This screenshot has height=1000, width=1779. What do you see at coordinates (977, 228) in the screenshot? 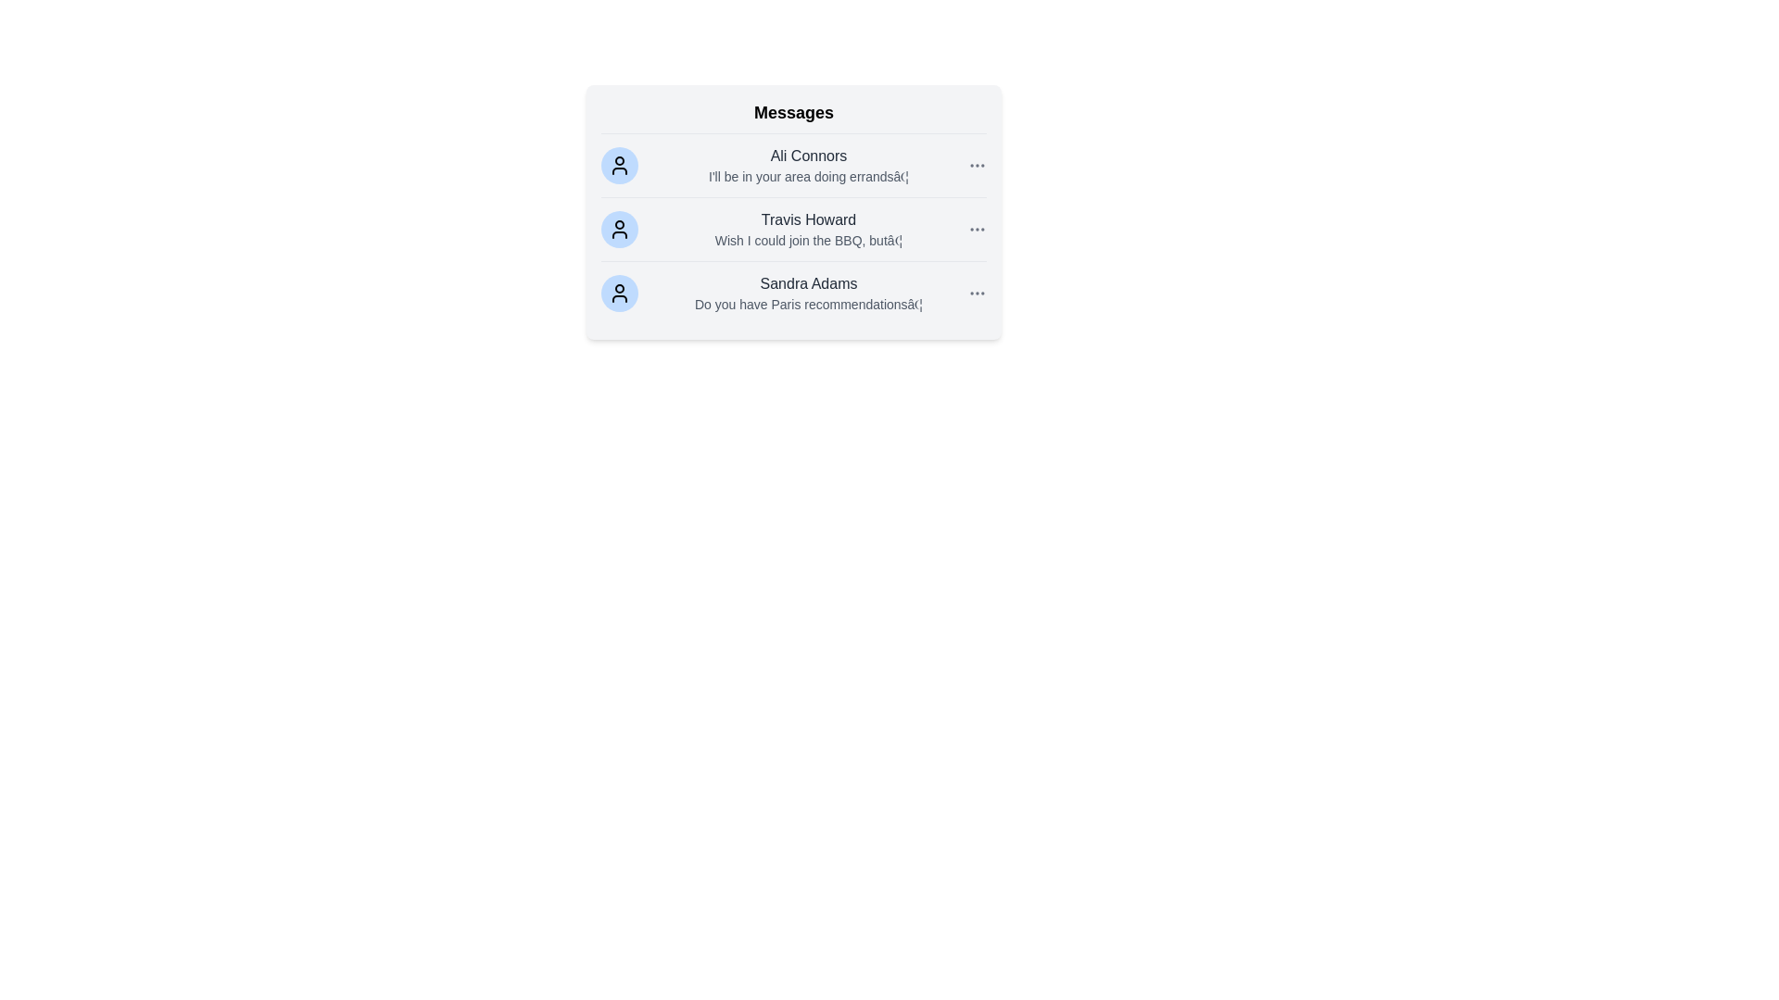
I see `the button located on the right side of the list item associated with 'Travis Howard'` at bounding box center [977, 228].